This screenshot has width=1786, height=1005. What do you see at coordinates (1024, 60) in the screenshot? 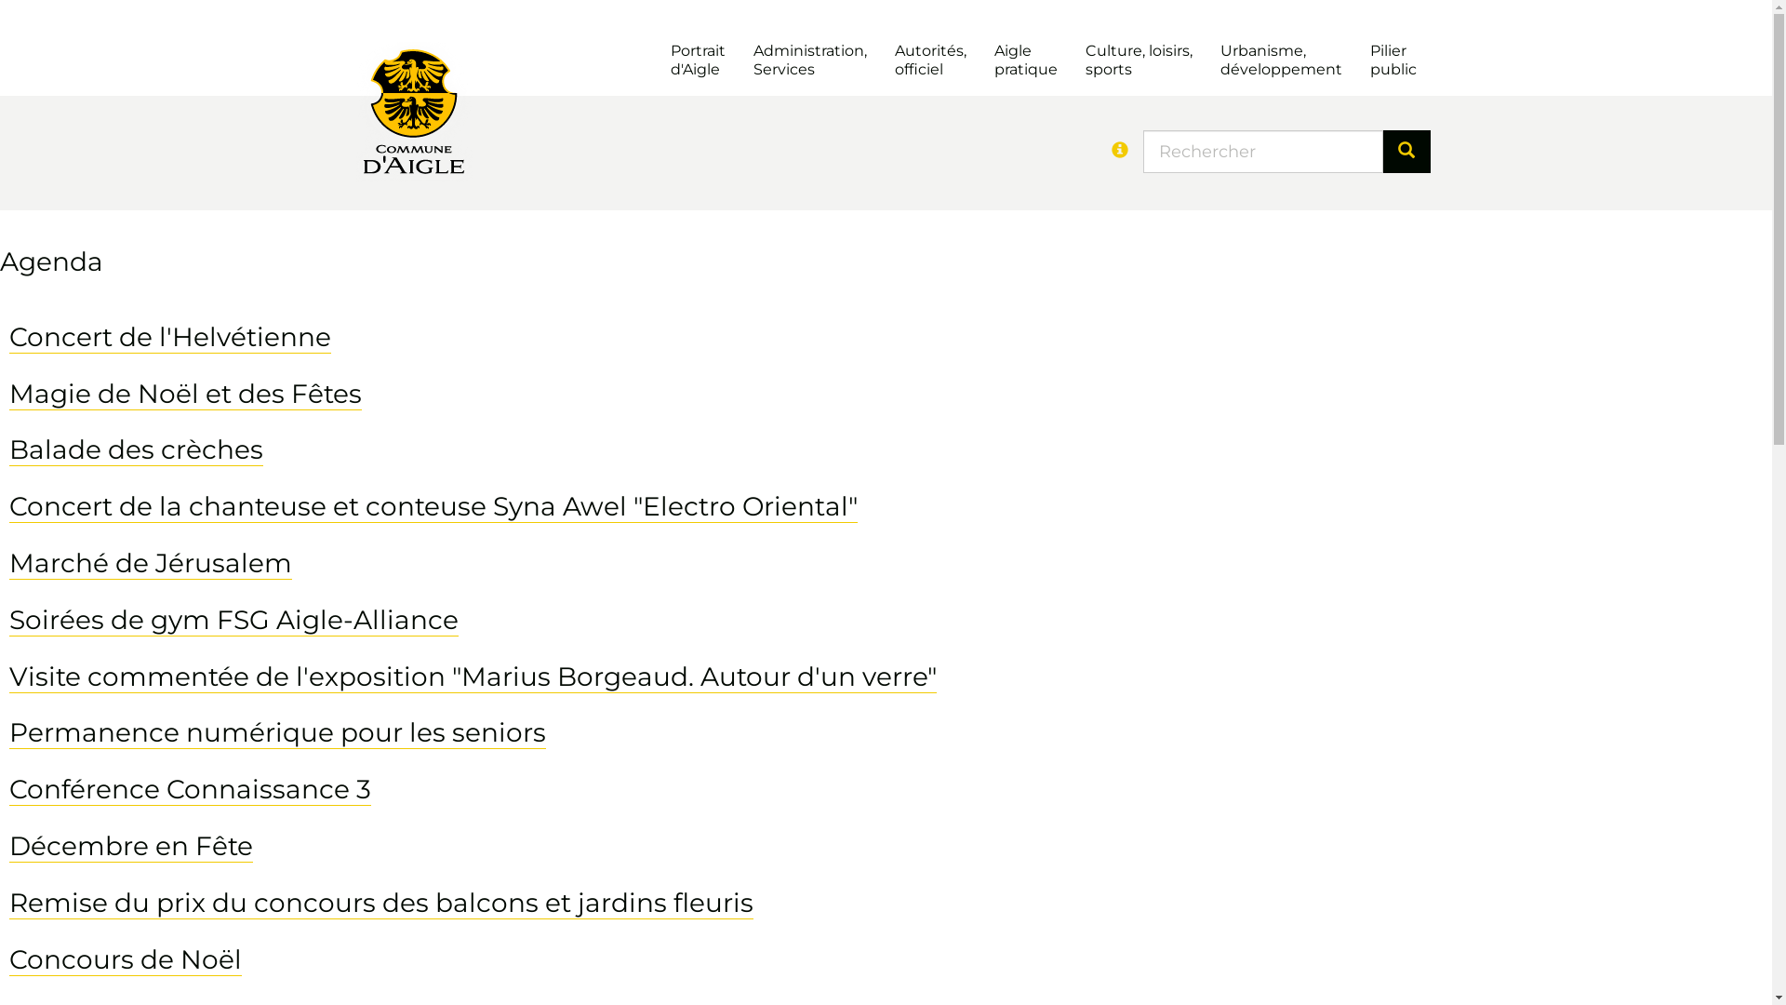
I see `'Aigle` at bounding box center [1024, 60].